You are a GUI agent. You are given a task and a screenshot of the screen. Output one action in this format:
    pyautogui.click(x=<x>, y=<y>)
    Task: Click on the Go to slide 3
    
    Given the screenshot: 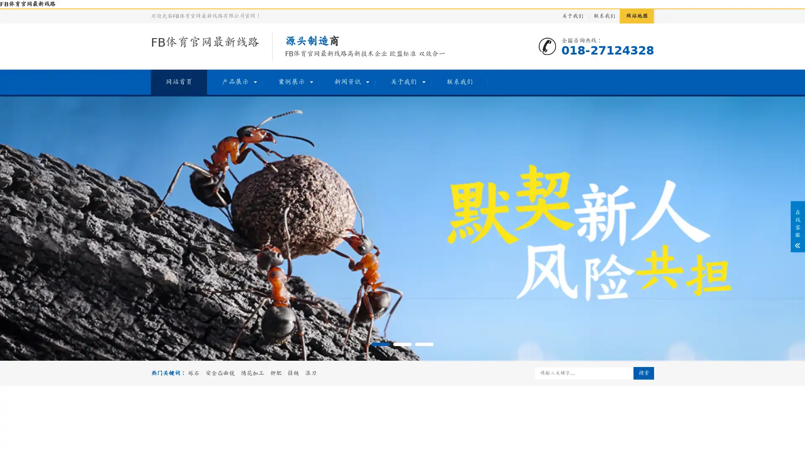 What is the action you would take?
    pyautogui.click(x=424, y=344)
    